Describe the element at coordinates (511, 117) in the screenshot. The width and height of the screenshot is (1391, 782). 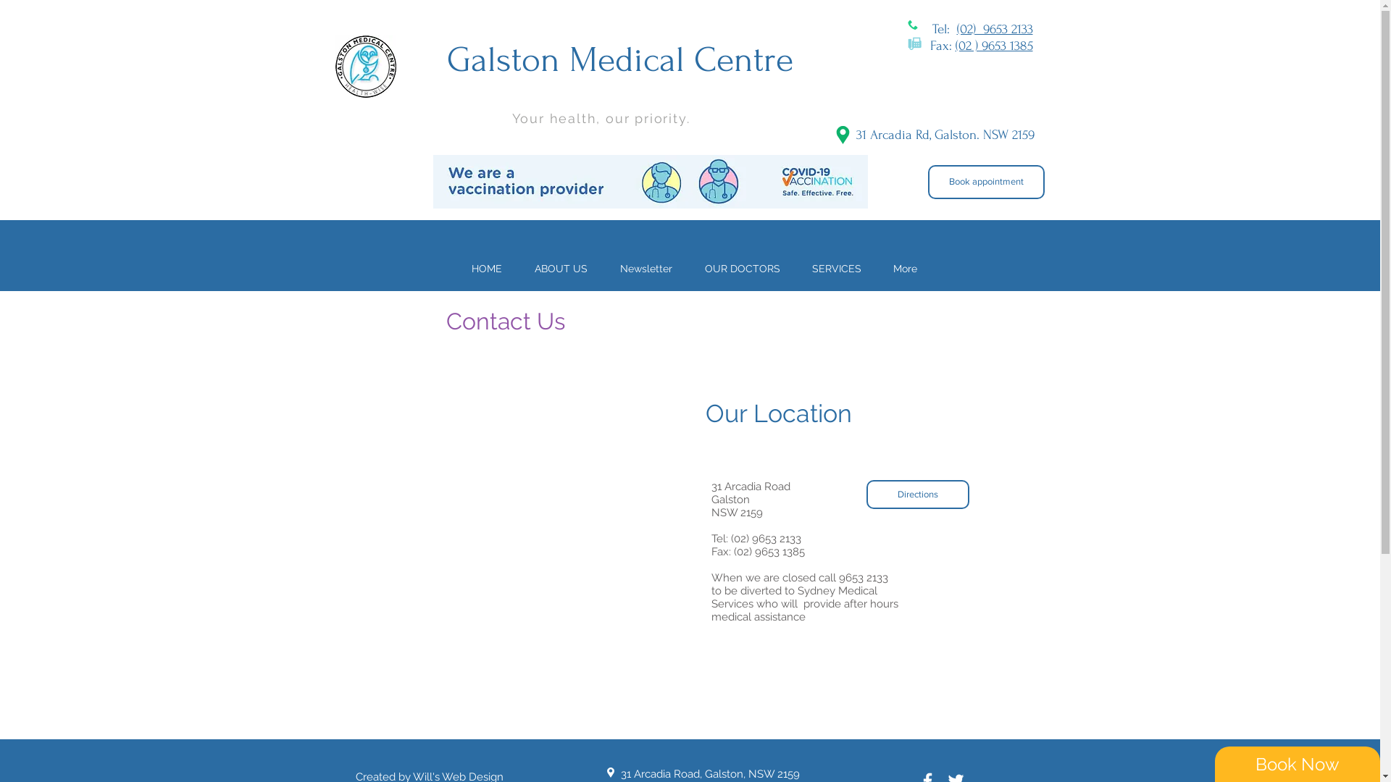
I see `'Your health, our priority.'` at that location.